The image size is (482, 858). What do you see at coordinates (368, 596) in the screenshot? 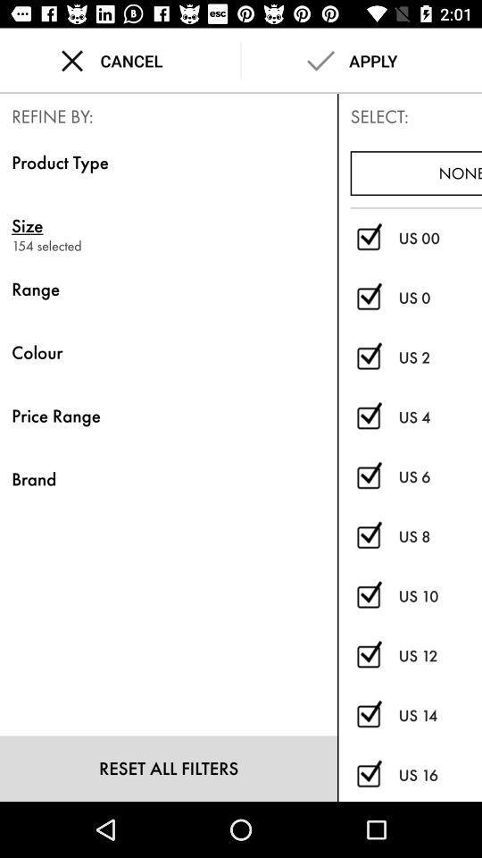
I see `us 10` at bounding box center [368, 596].